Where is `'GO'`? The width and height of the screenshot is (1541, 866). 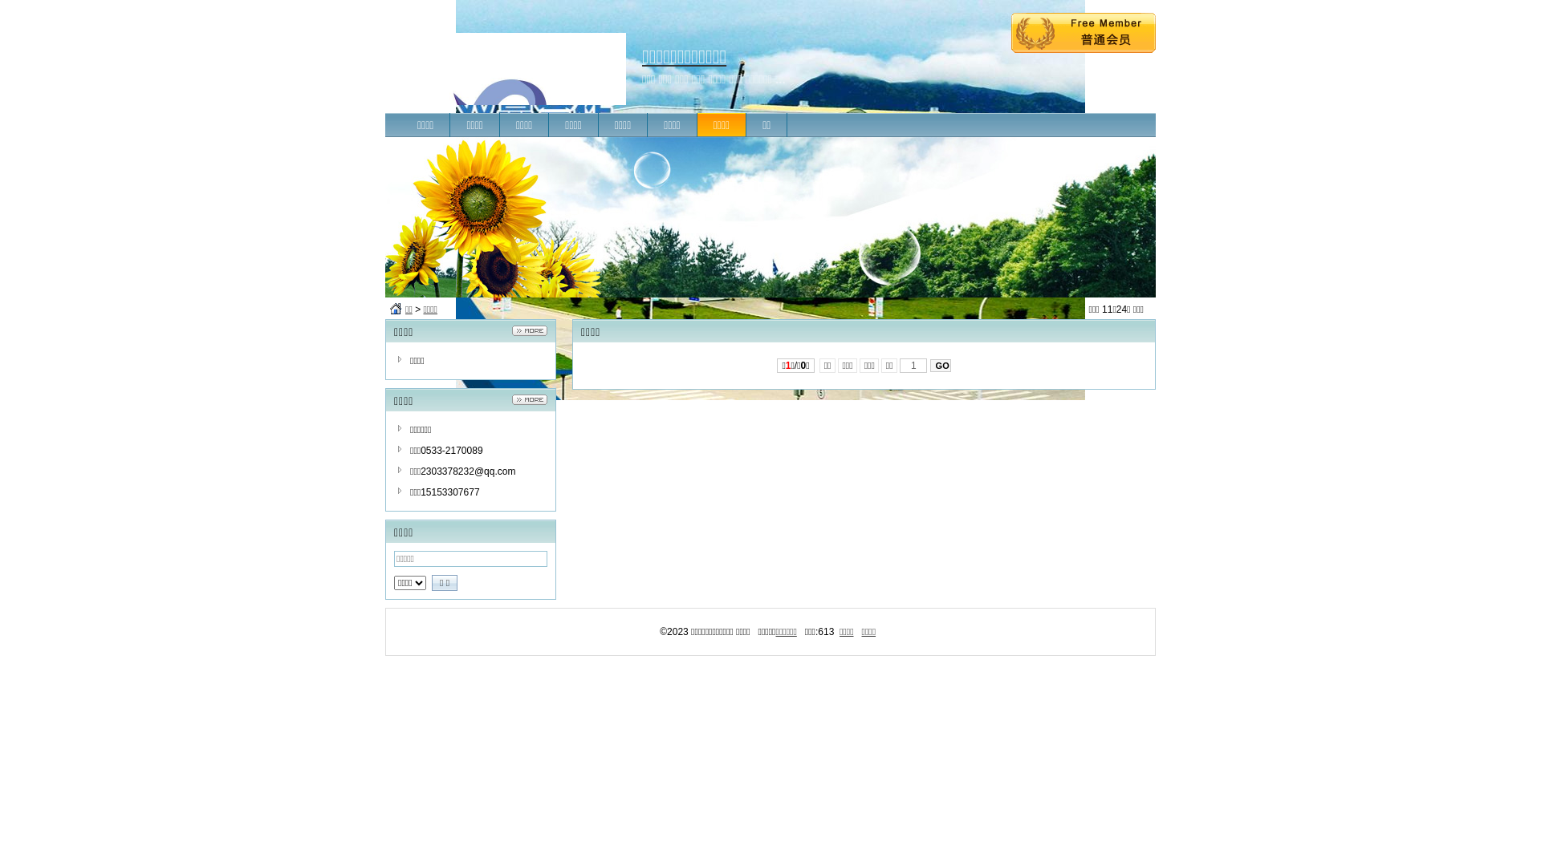
'GO' is located at coordinates (929, 365).